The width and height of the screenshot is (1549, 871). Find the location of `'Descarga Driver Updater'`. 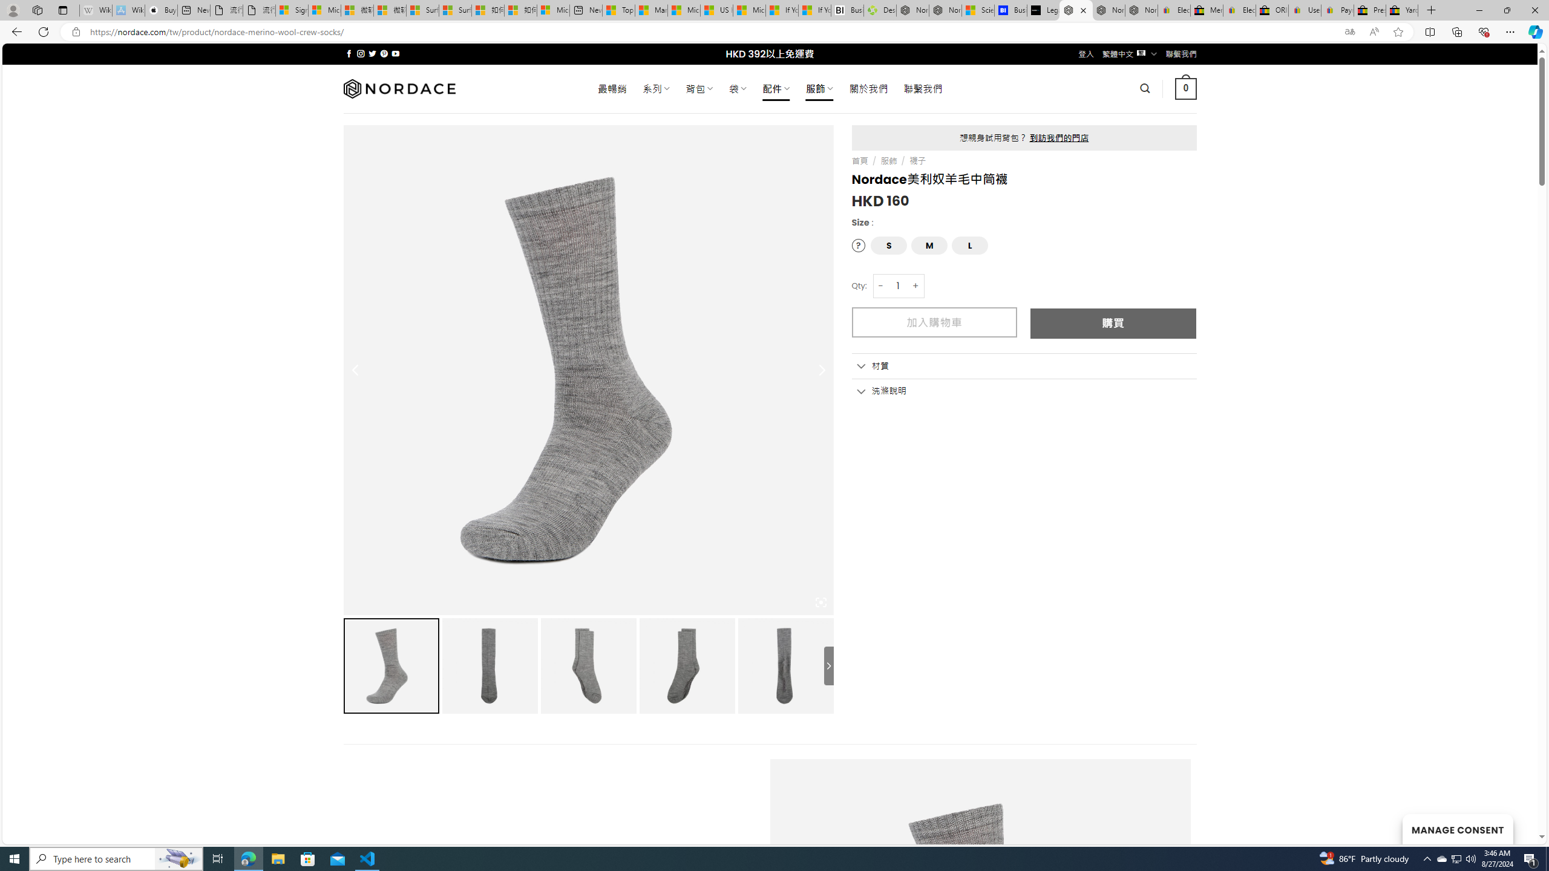

'Descarga Driver Updater' is located at coordinates (880, 10).